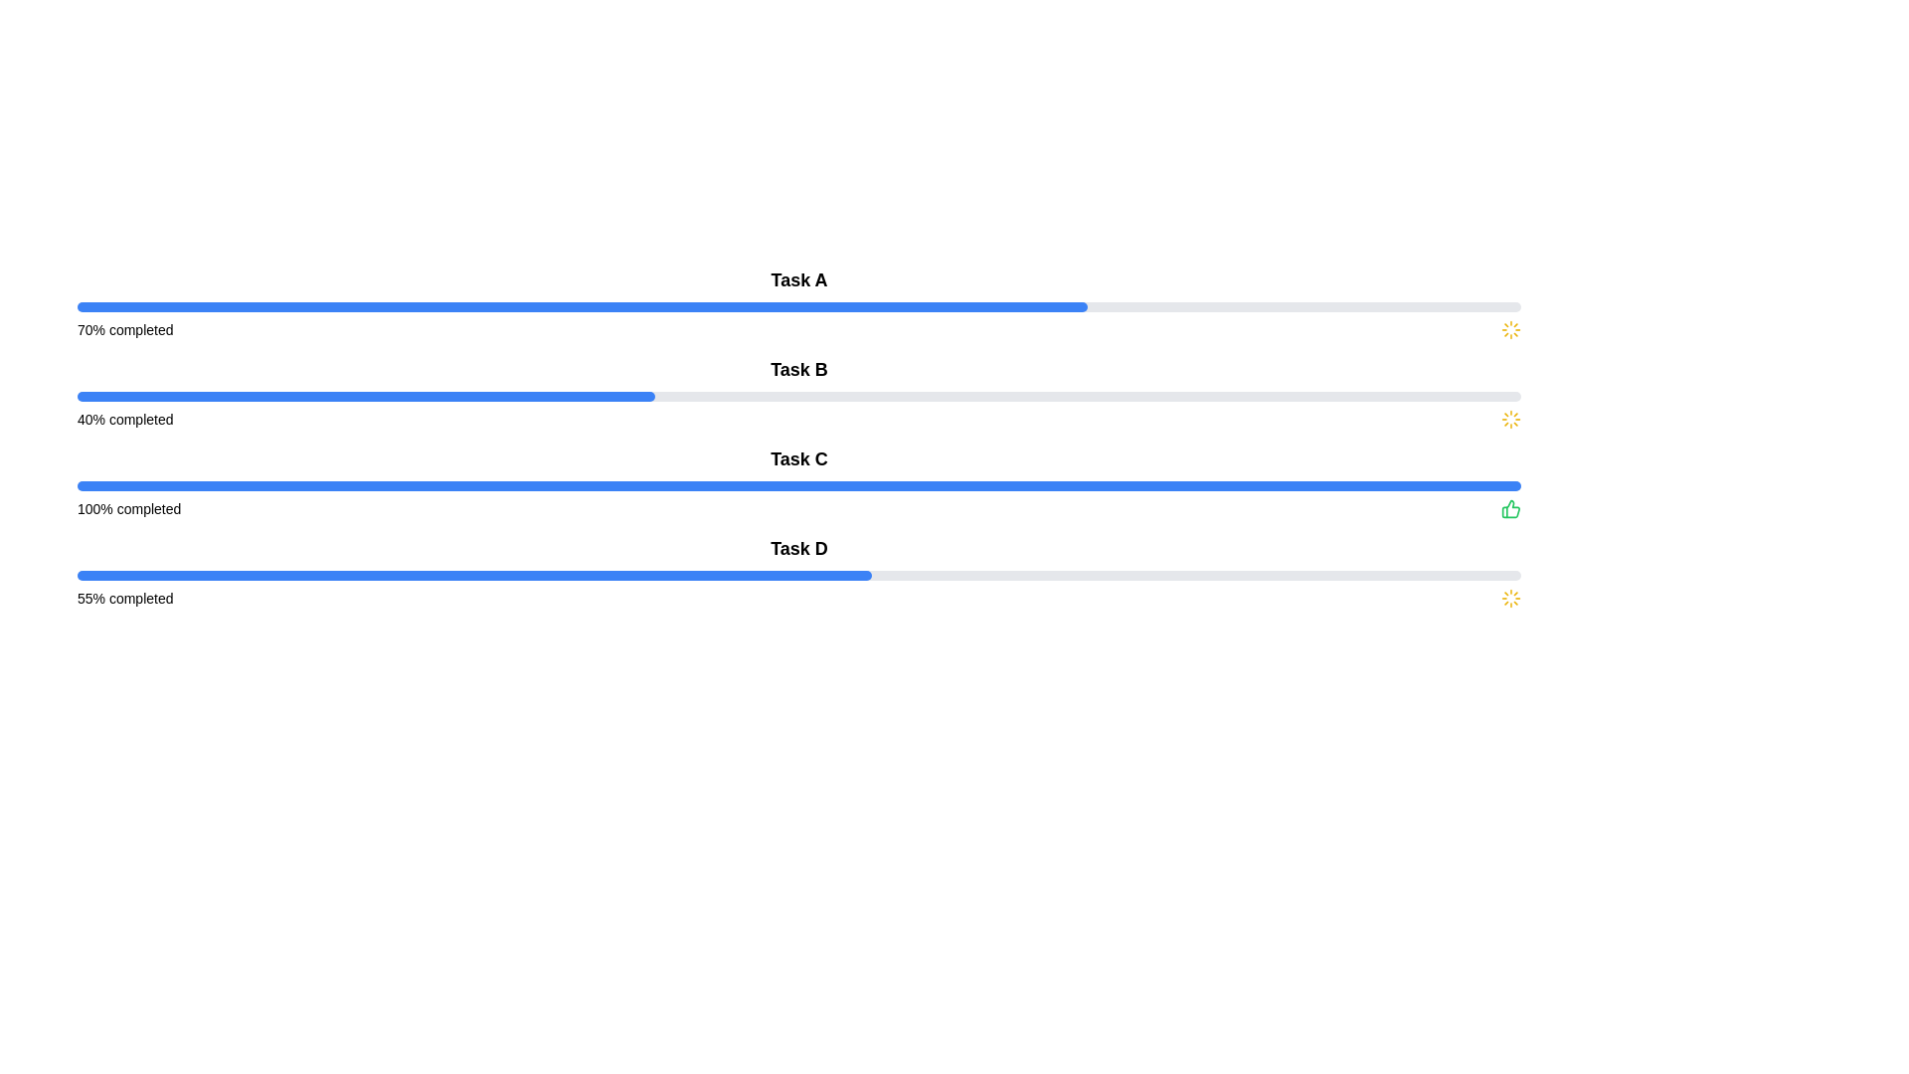 Image resolution: width=1909 pixels, height=1074 pixels. I want to click on the filled portion of the progress bar indicating 'Task D', which visually represents 55% completion, so click(473, 575).